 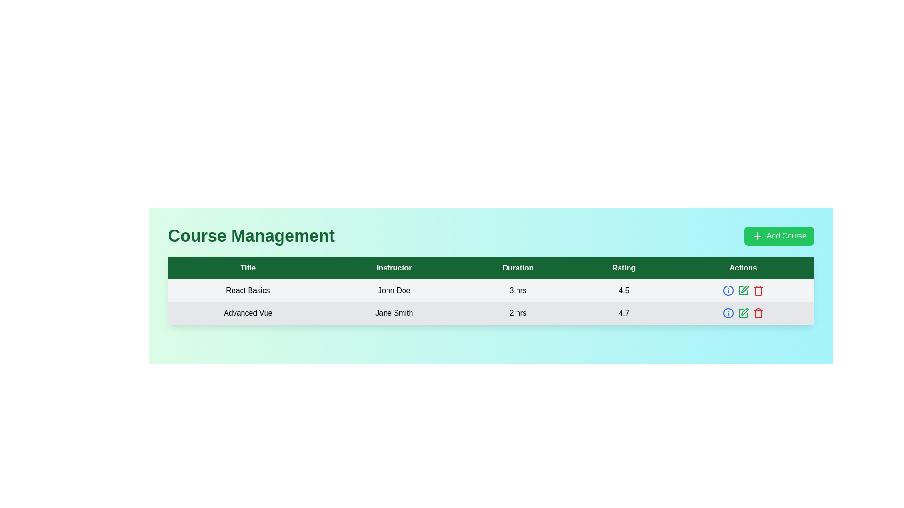 What do you see at coordinates (624, 313) in the screenshot?
I see `the display-only text component that shows the rating value of the 'Advanced Vue' course, located in the fourth cell of the second row of the table` at bounding box center [624, 313].